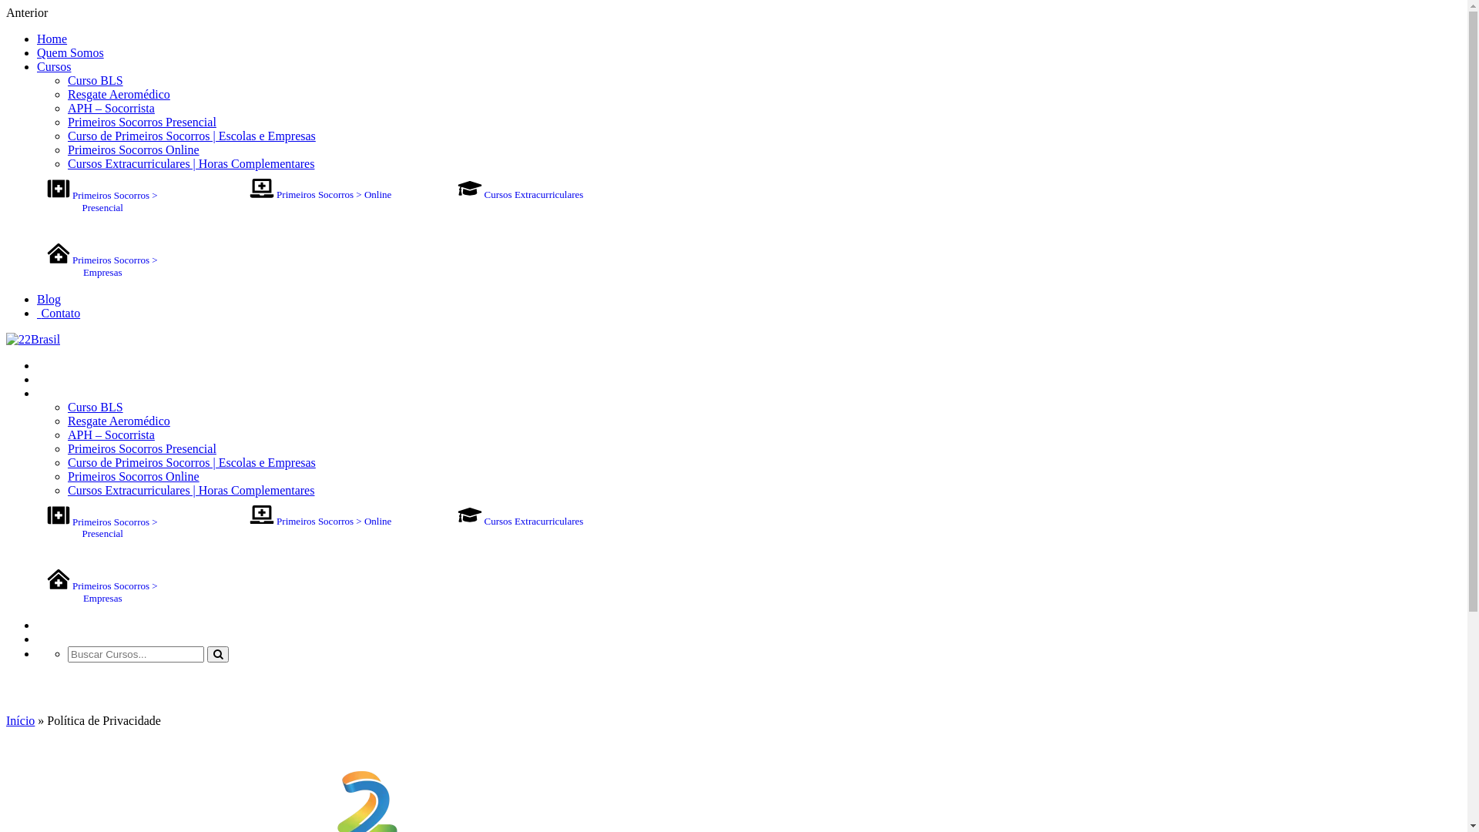  I want to click on 'Primeiros Socorros > Online', so click(320, 520).